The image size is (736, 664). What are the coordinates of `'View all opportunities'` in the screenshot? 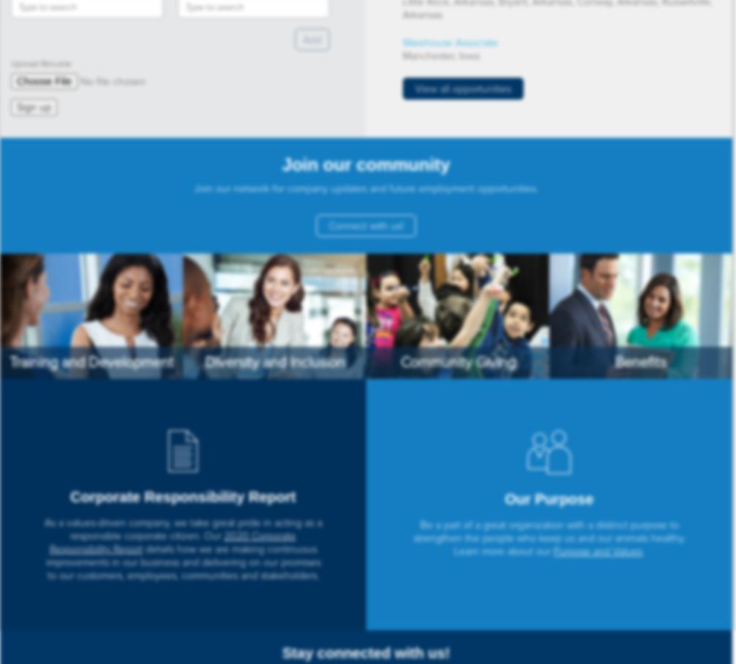 It's located at (415, 88).